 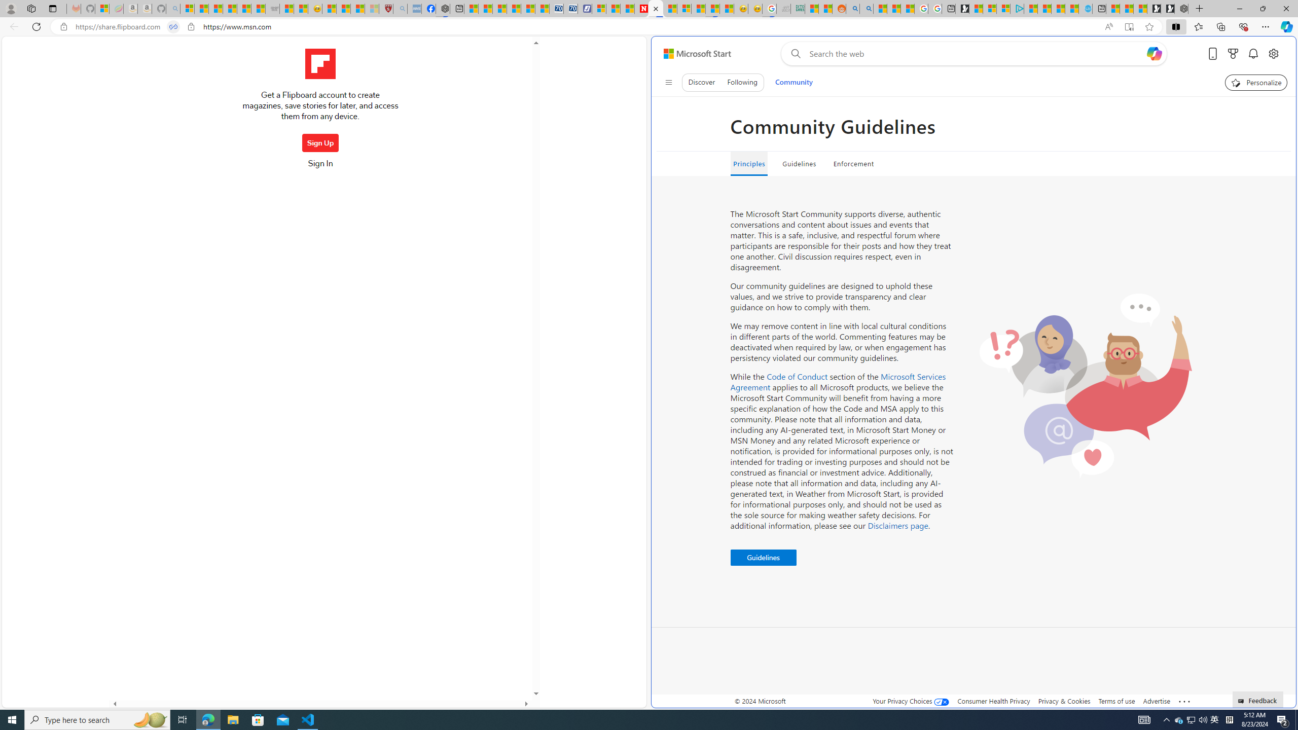 I want to click on 'Terms of use', so click(x=1116, y=701).